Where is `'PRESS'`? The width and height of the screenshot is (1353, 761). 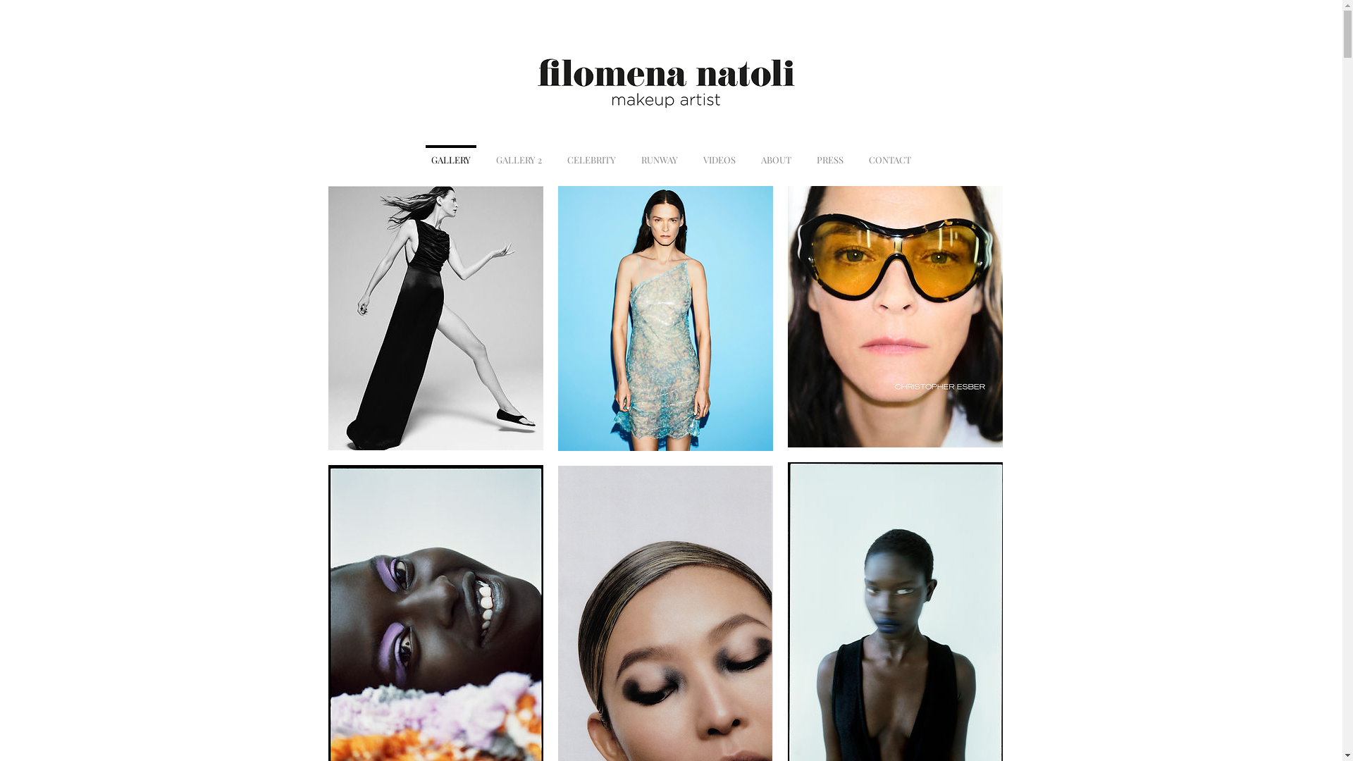 'PRESS' is located at coordinates (829, 154).